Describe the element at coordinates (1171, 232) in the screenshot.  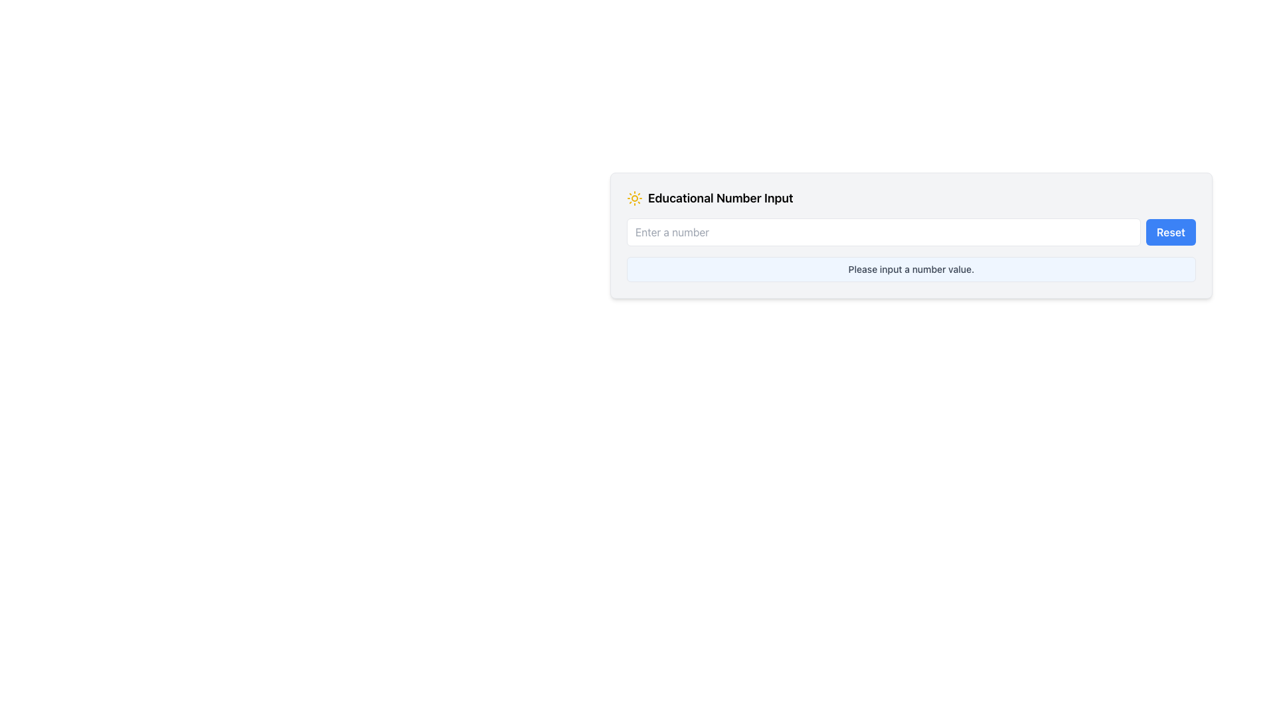
I see `the 'Reset' button, which is a rectangular button with rounded corners, displaying bold white text on a bright blue background, located in the upper-middle area of the interface, next to a text input field` at that location.